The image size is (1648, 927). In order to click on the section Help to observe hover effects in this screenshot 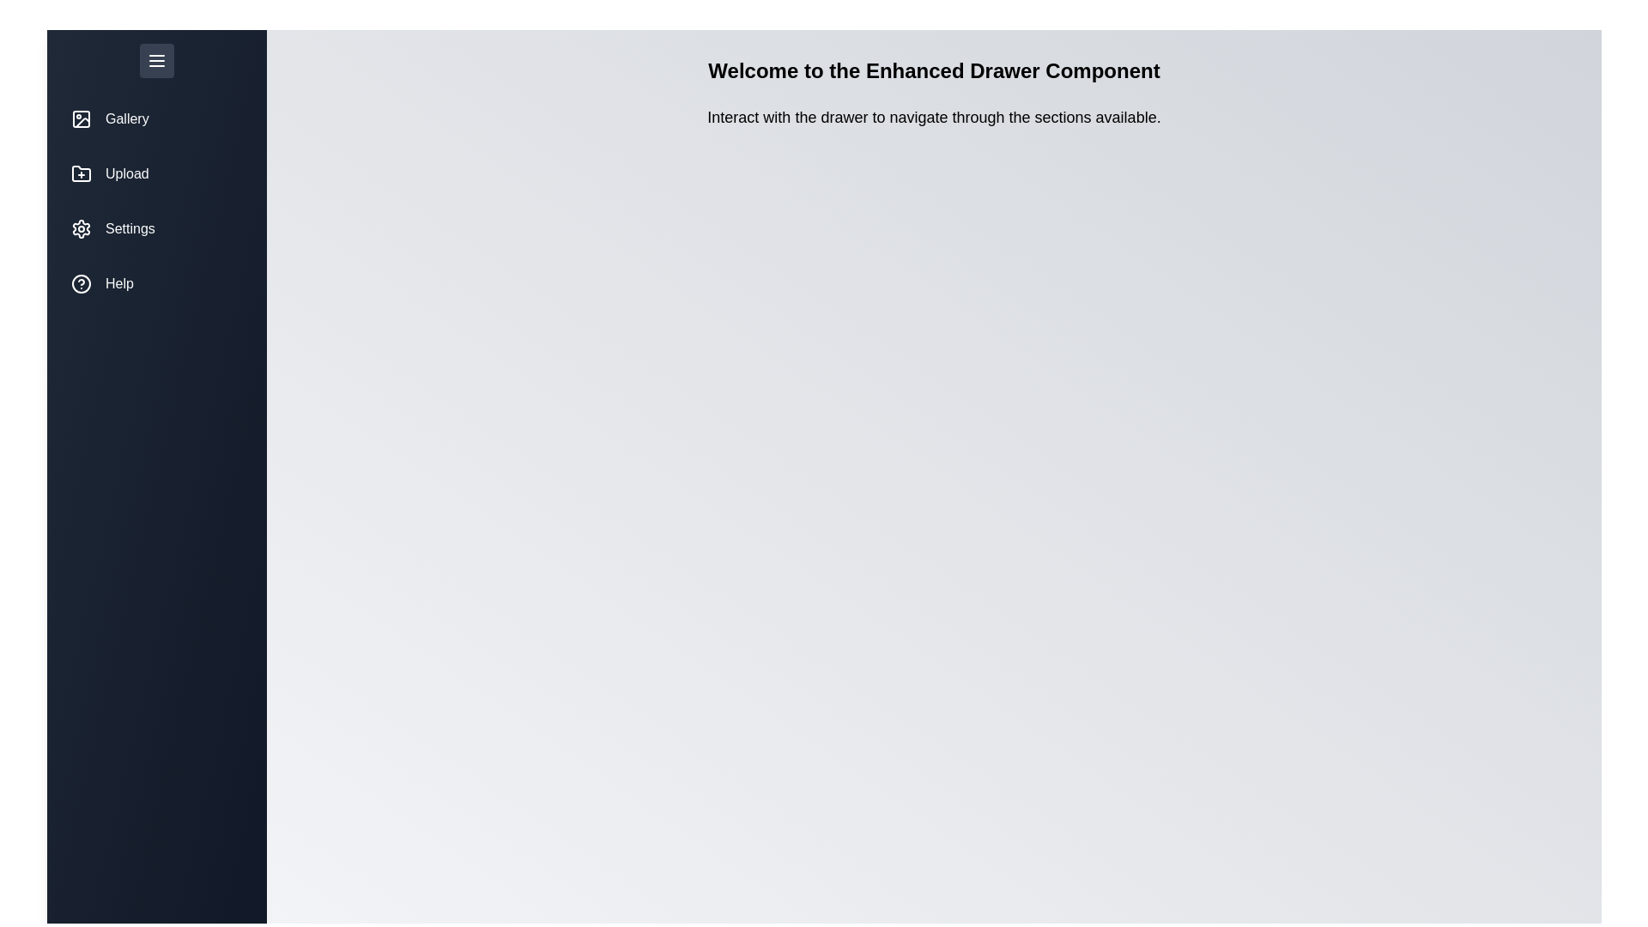, I will do `click(156, 283)`.